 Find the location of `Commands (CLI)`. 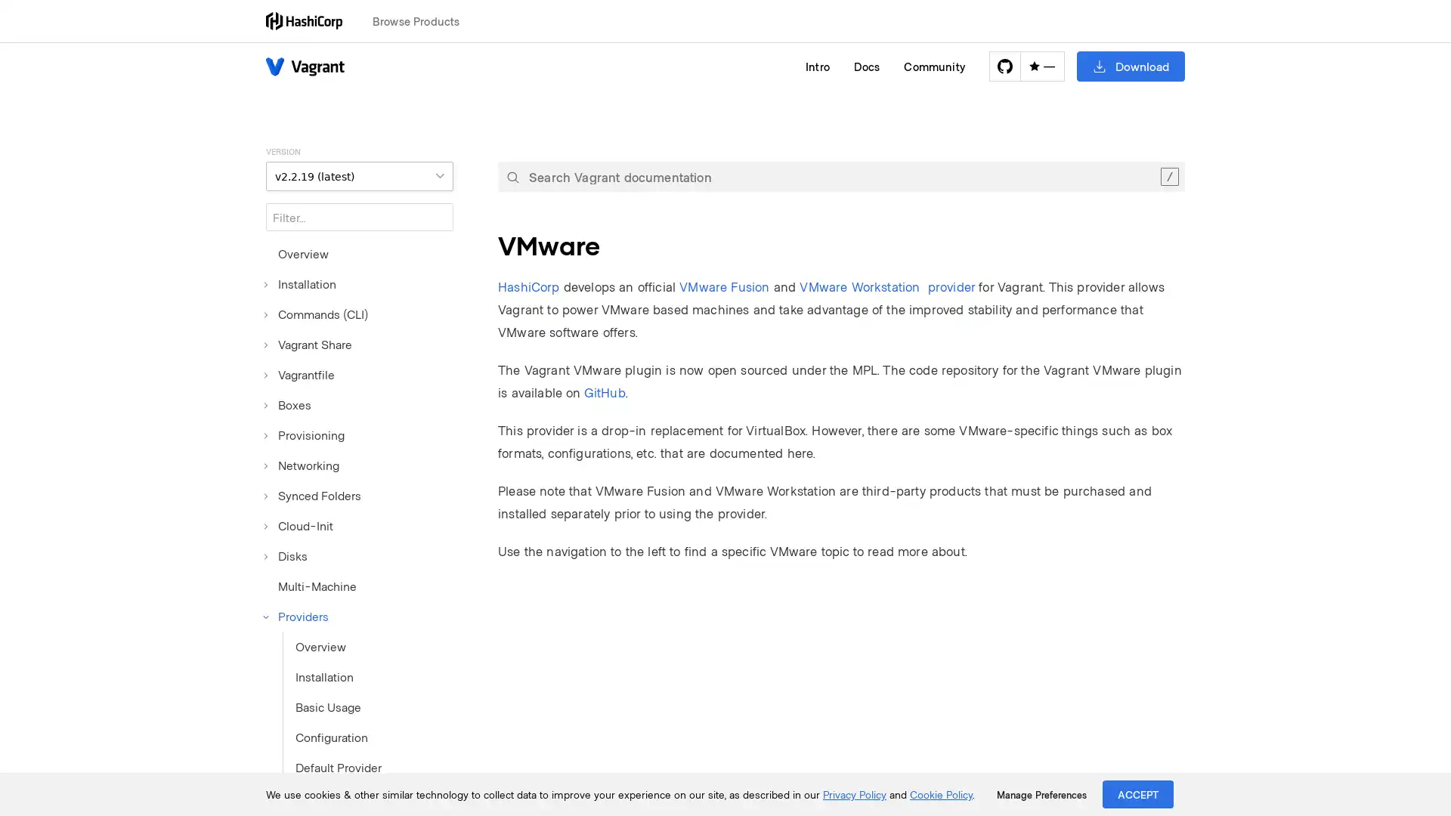

Commands (CLI) is located at coordinates (316, 314).